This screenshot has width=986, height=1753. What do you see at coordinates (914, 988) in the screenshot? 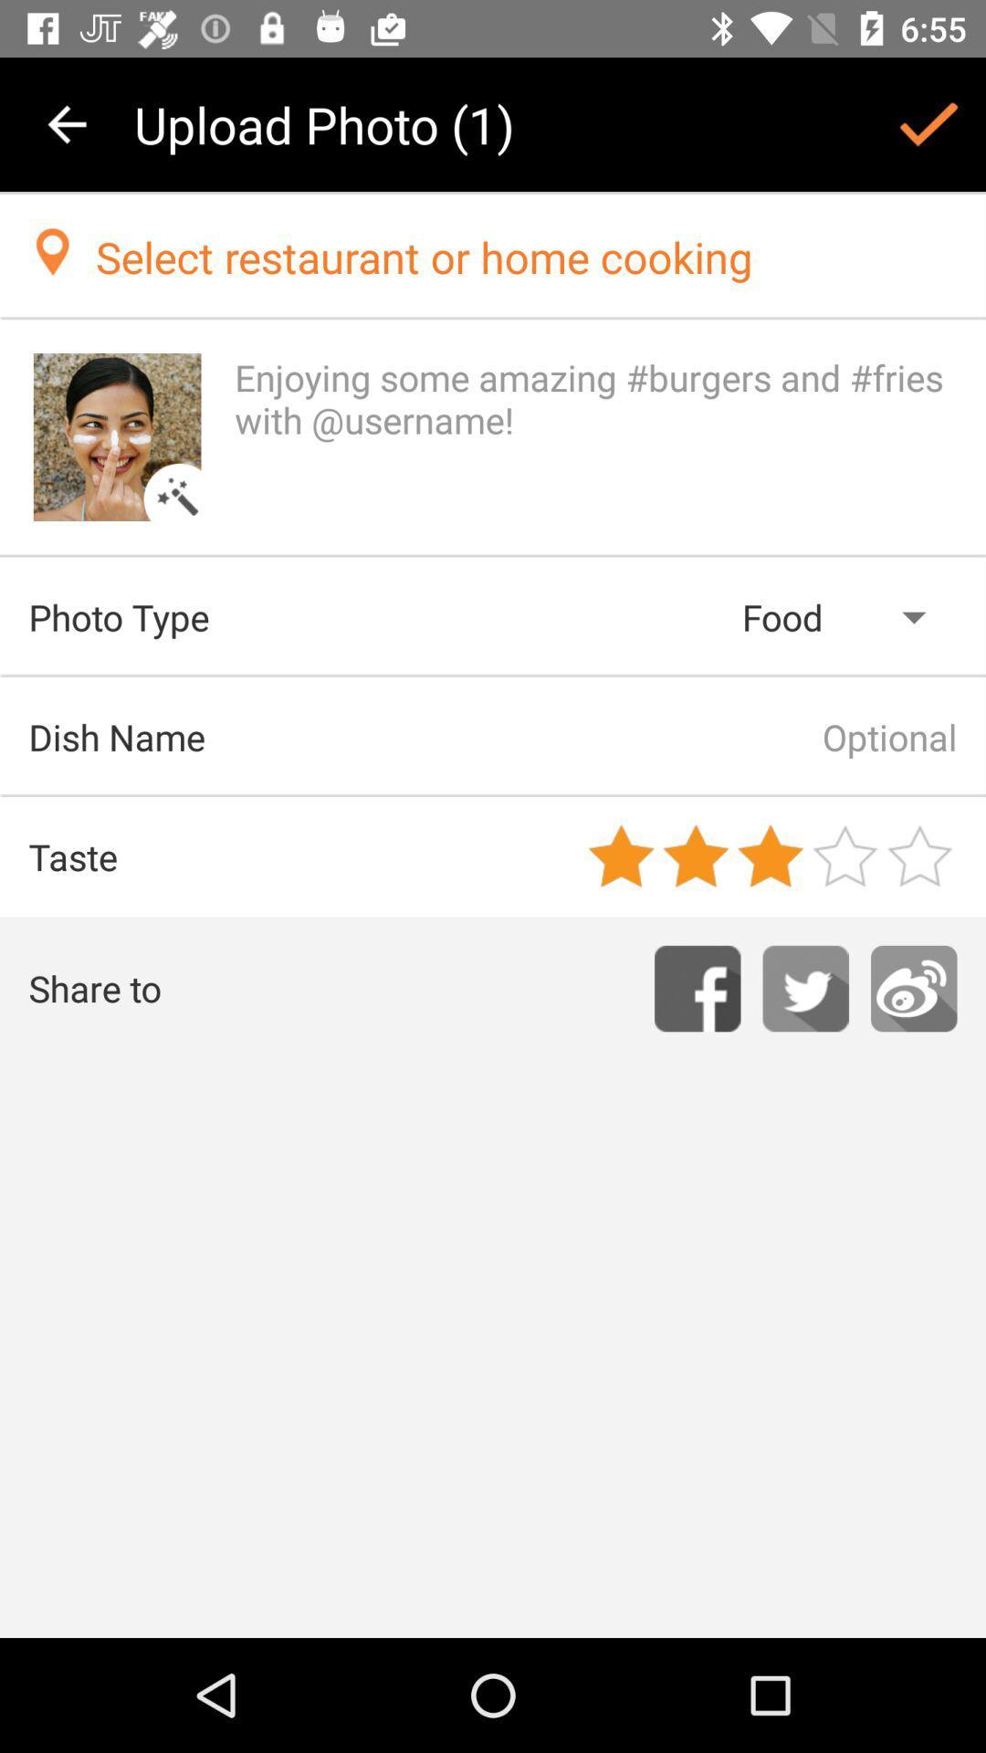
I see `tap to share` at bounding box center [914, 988].